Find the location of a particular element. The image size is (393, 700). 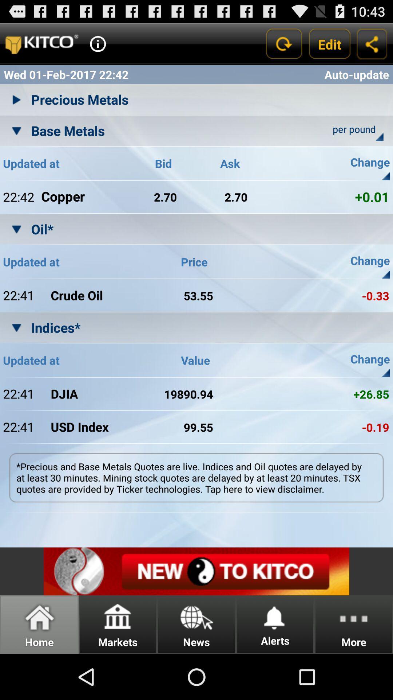

news application is located at coordinates (196, 571).